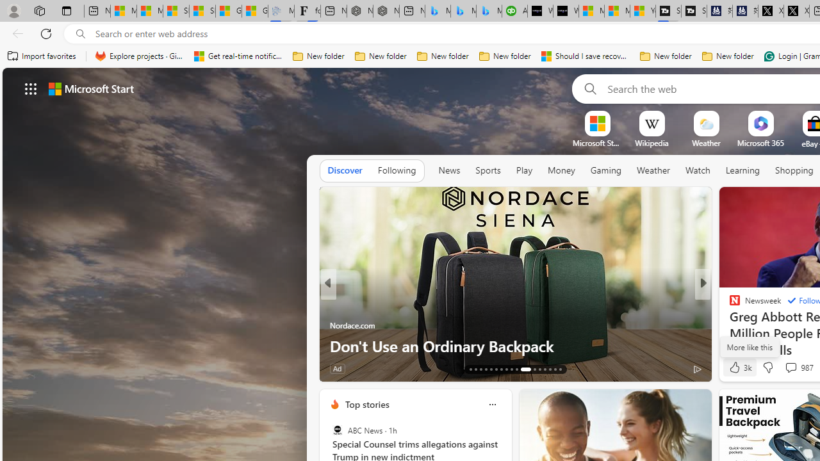  What do you see at coordinates (496, 369) in the screenshot?
I see `'AutomationID: tab-18'` at bounding box center [496, 369].